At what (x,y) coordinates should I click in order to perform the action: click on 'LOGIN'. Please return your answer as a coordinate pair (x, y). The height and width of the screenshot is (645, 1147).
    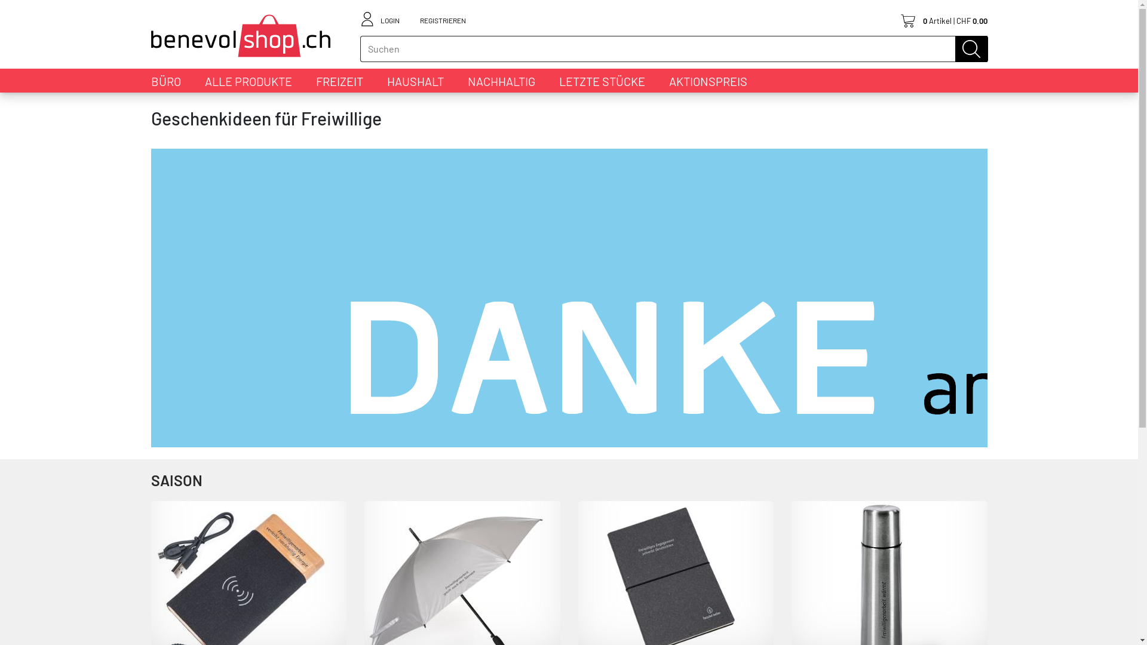
    Looking at the image, I should click on (390, 19).